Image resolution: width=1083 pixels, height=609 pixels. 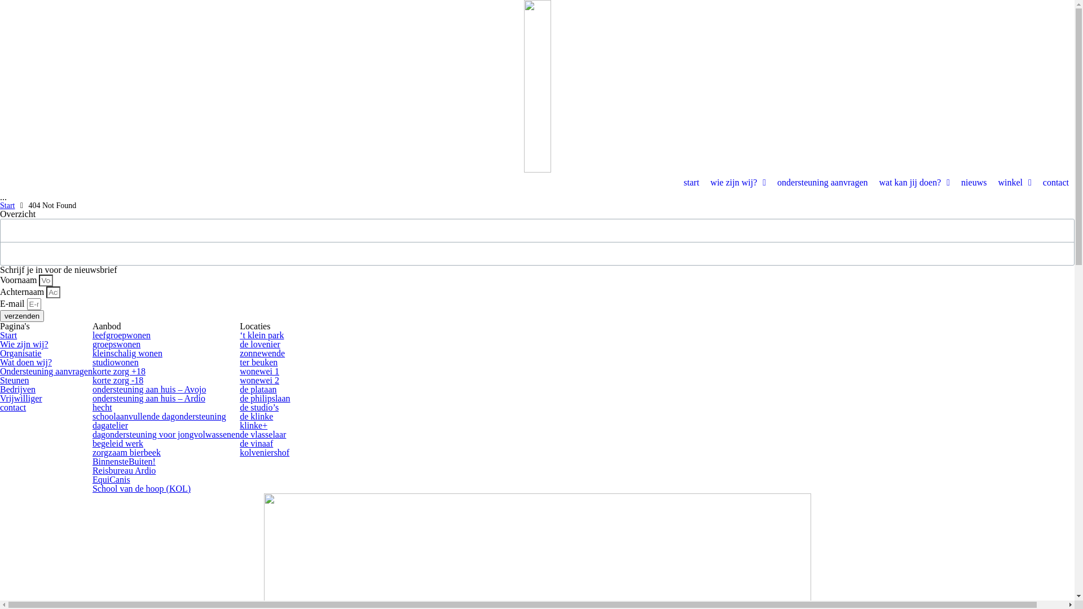 I want to click on 'groepswonen', so click(x=92, y=343).